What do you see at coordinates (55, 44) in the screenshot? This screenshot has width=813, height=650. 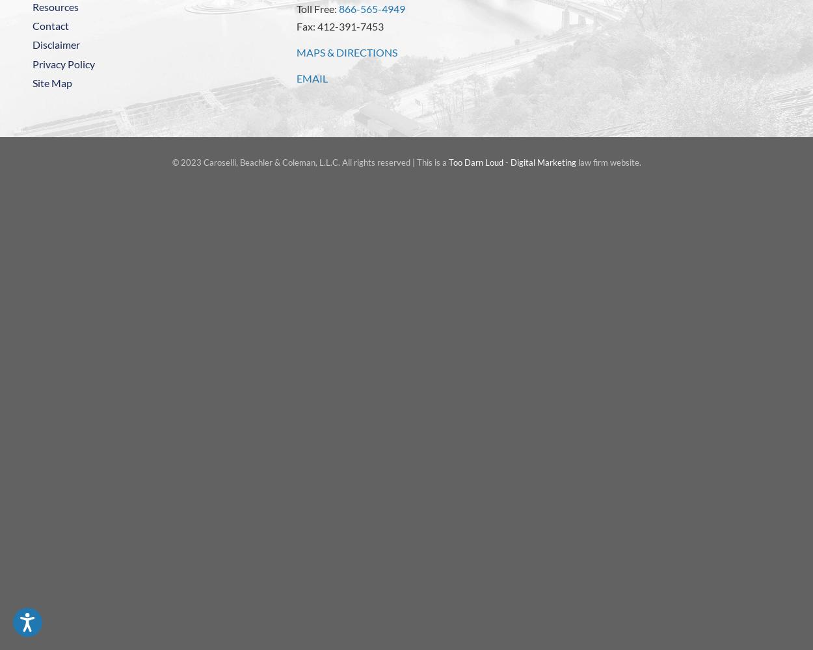 I see `'Disclaimer'` at bounding box center [55, 44].